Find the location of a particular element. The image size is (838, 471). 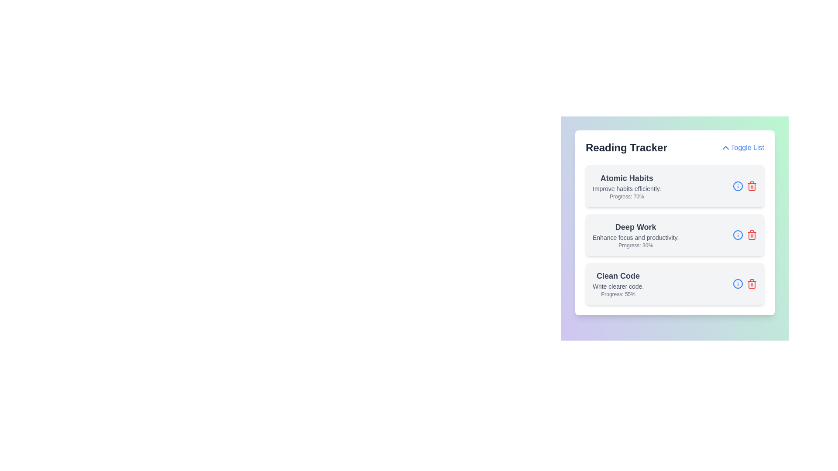

the text label displaying 'Improve habits efficiently.' which is located beneath the title 'Atomic Habits' and above the progress indicator 'Progress: 70%' is located at coordinates (626, 188).